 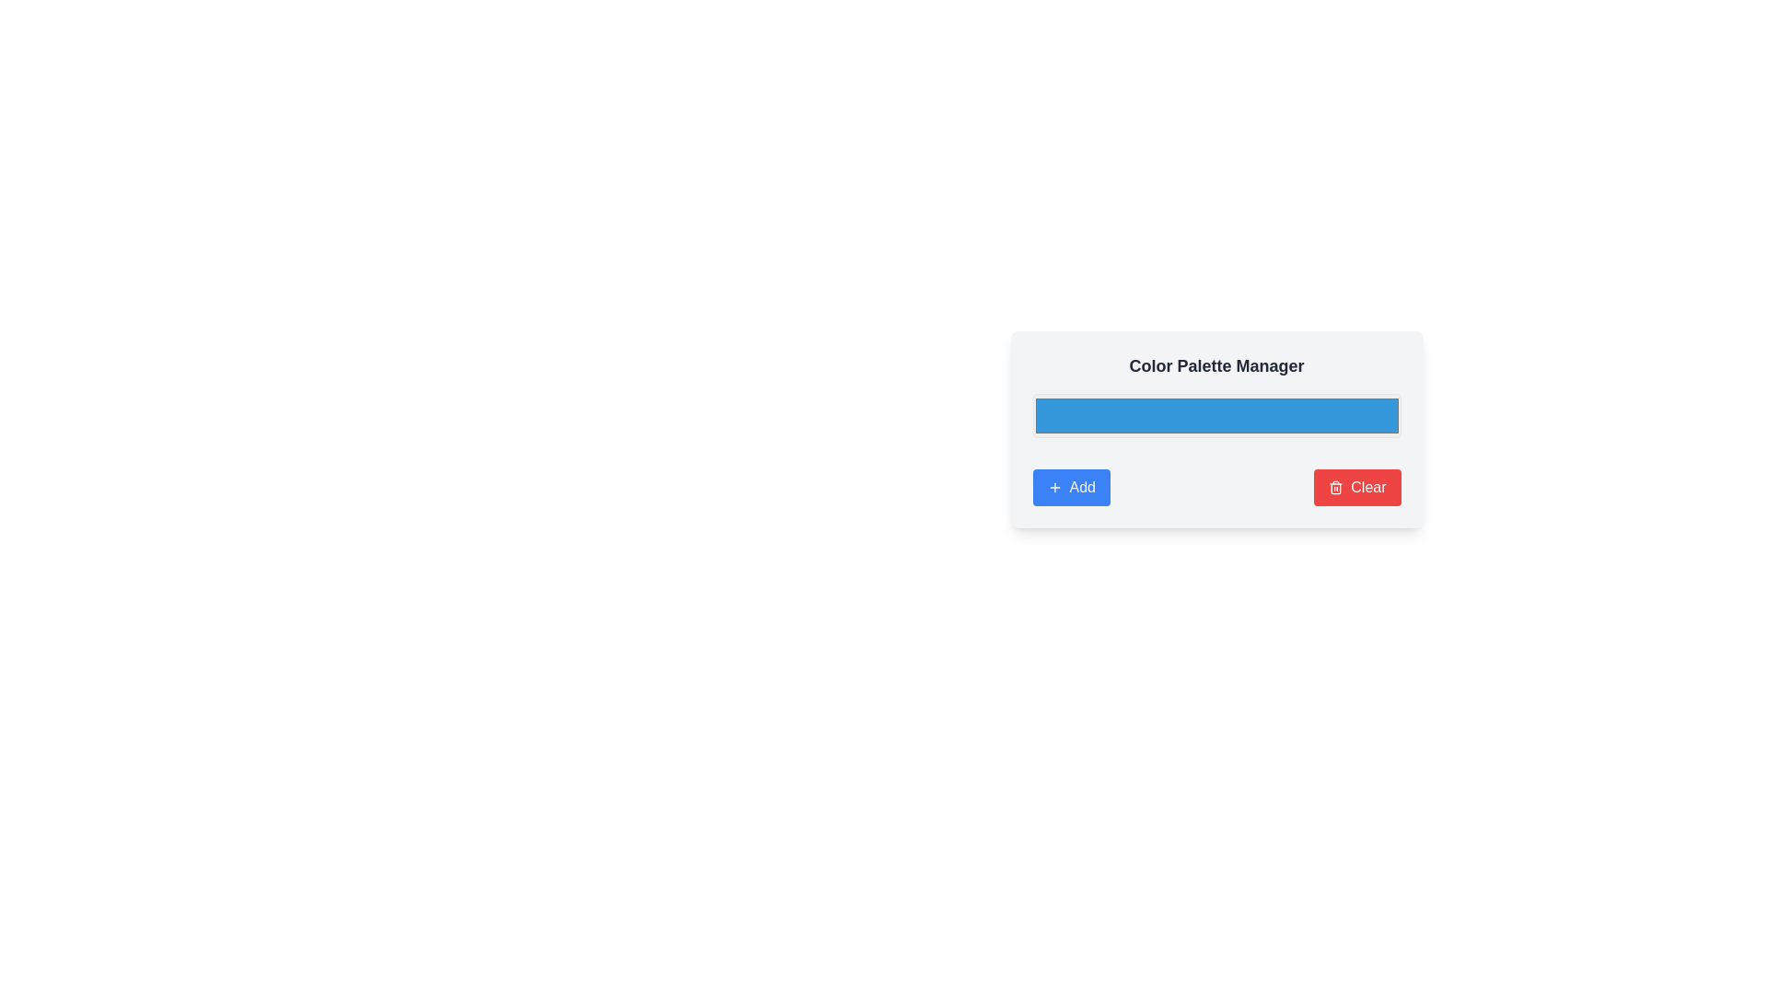 I want to click on the rounded blue 'Add' button with a '+' icon located in the bottom-left of the 'Color Palette Manager' section, so click(x=1071, y=486).